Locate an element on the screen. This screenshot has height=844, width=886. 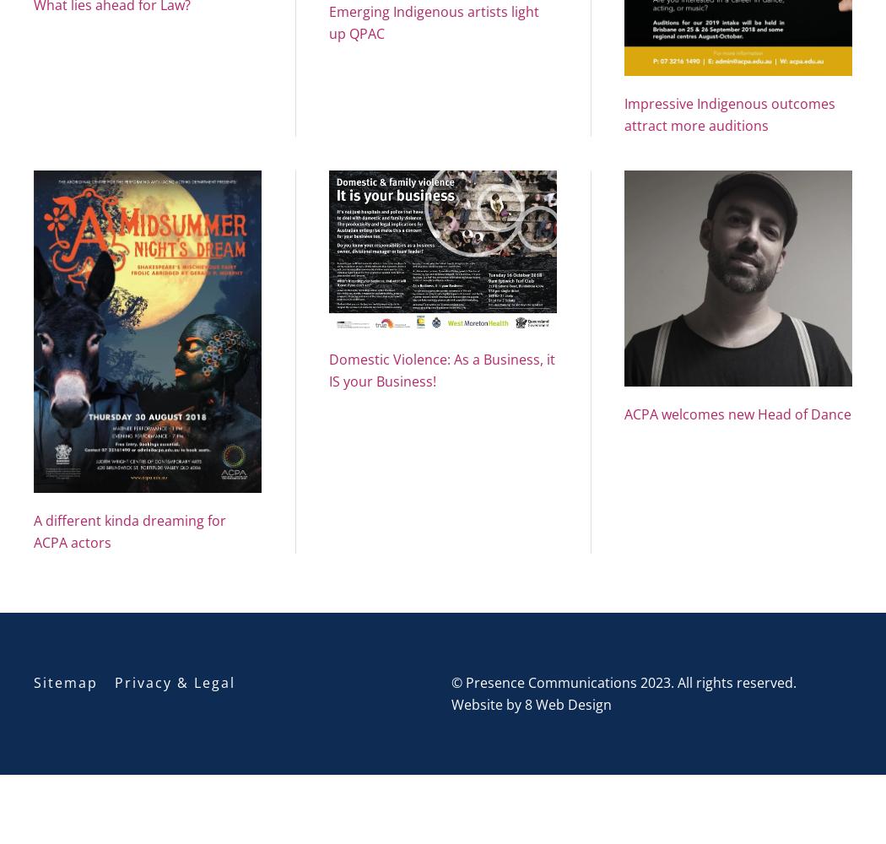
'© Presence Communications 2023. All rights reserved.' is located at coordinates (451, 682).